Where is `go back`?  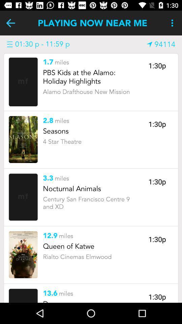
go back is located at coordinates (10, 23).